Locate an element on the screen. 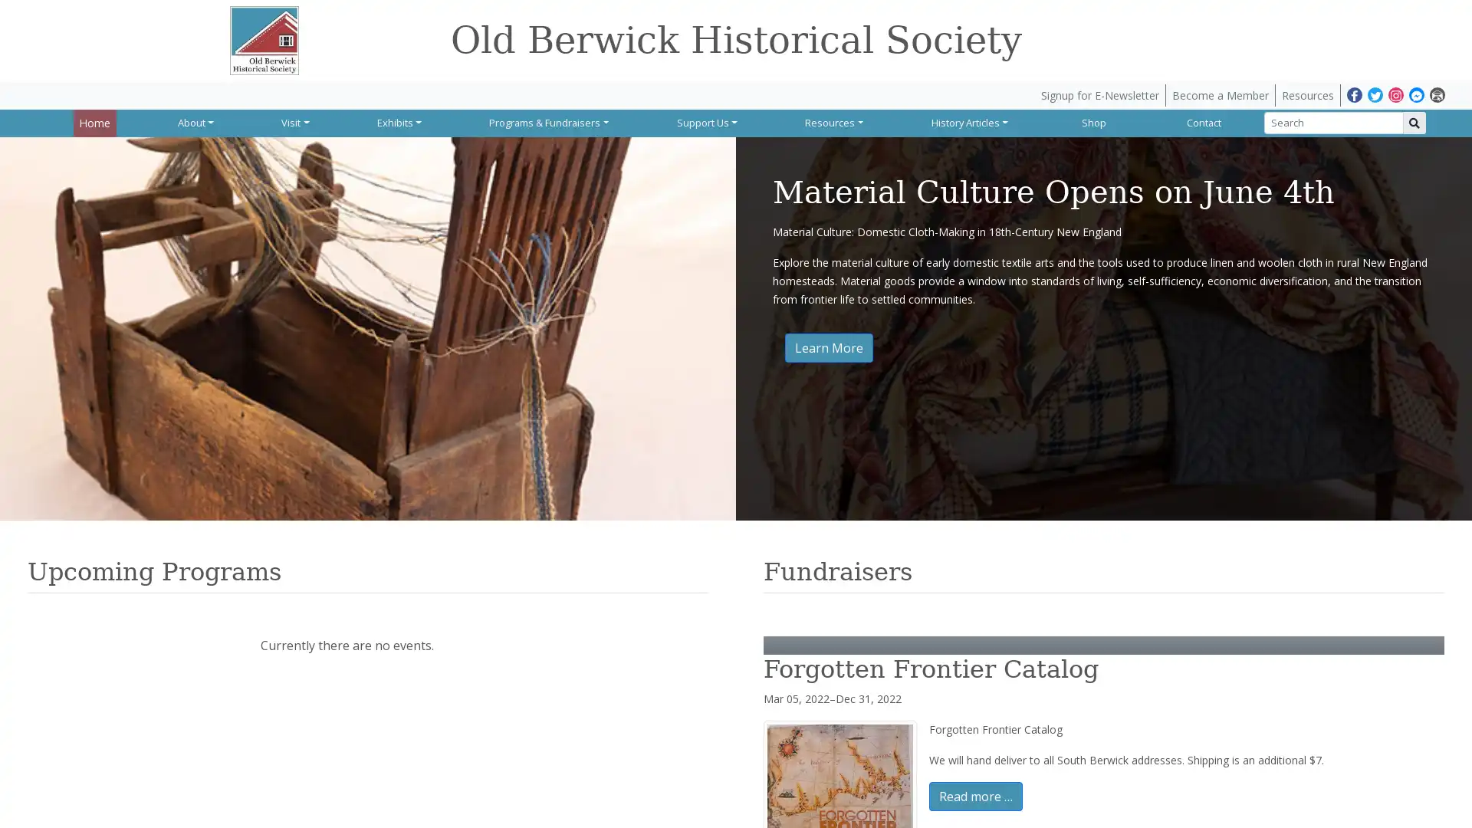 The image size is (1472, 828). Learn More is located at coordinates (828, 347).